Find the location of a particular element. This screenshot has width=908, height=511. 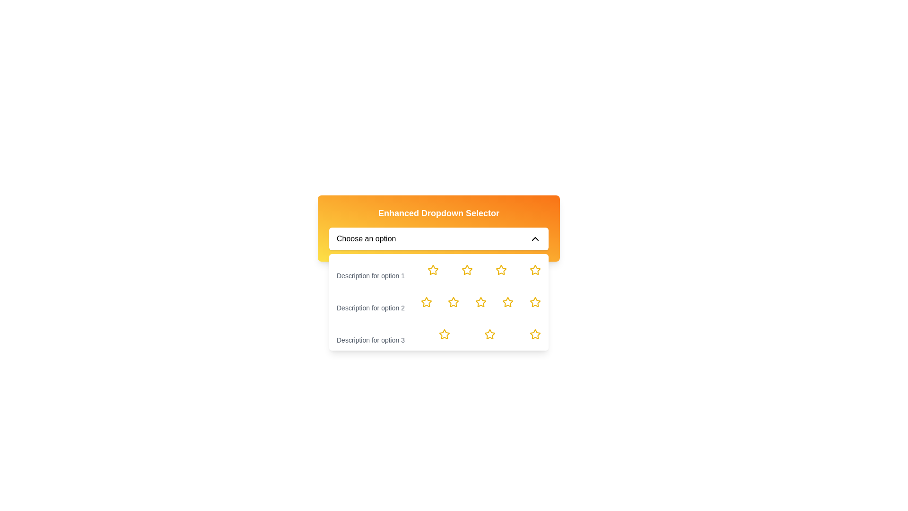

the static text field providing additional descriptive information for 'Option 2', located in the dropdown area directly below the associated label is located at coordinates (370, 308).